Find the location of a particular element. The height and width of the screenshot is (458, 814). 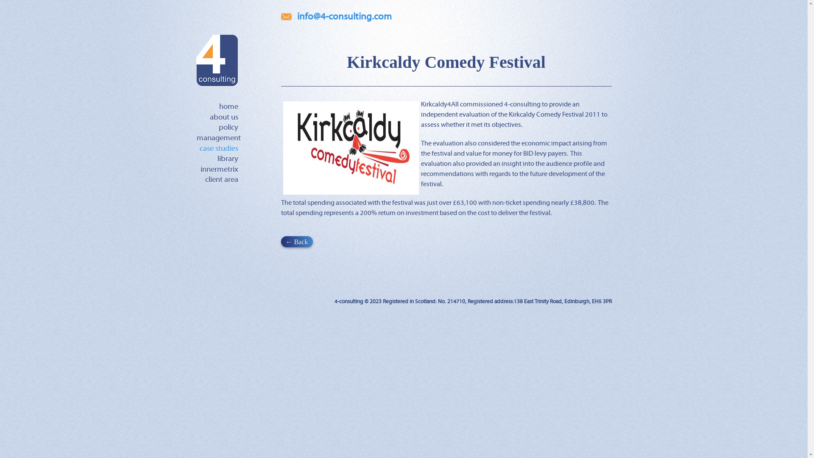

'policy' is located at coordinates (228, 127).